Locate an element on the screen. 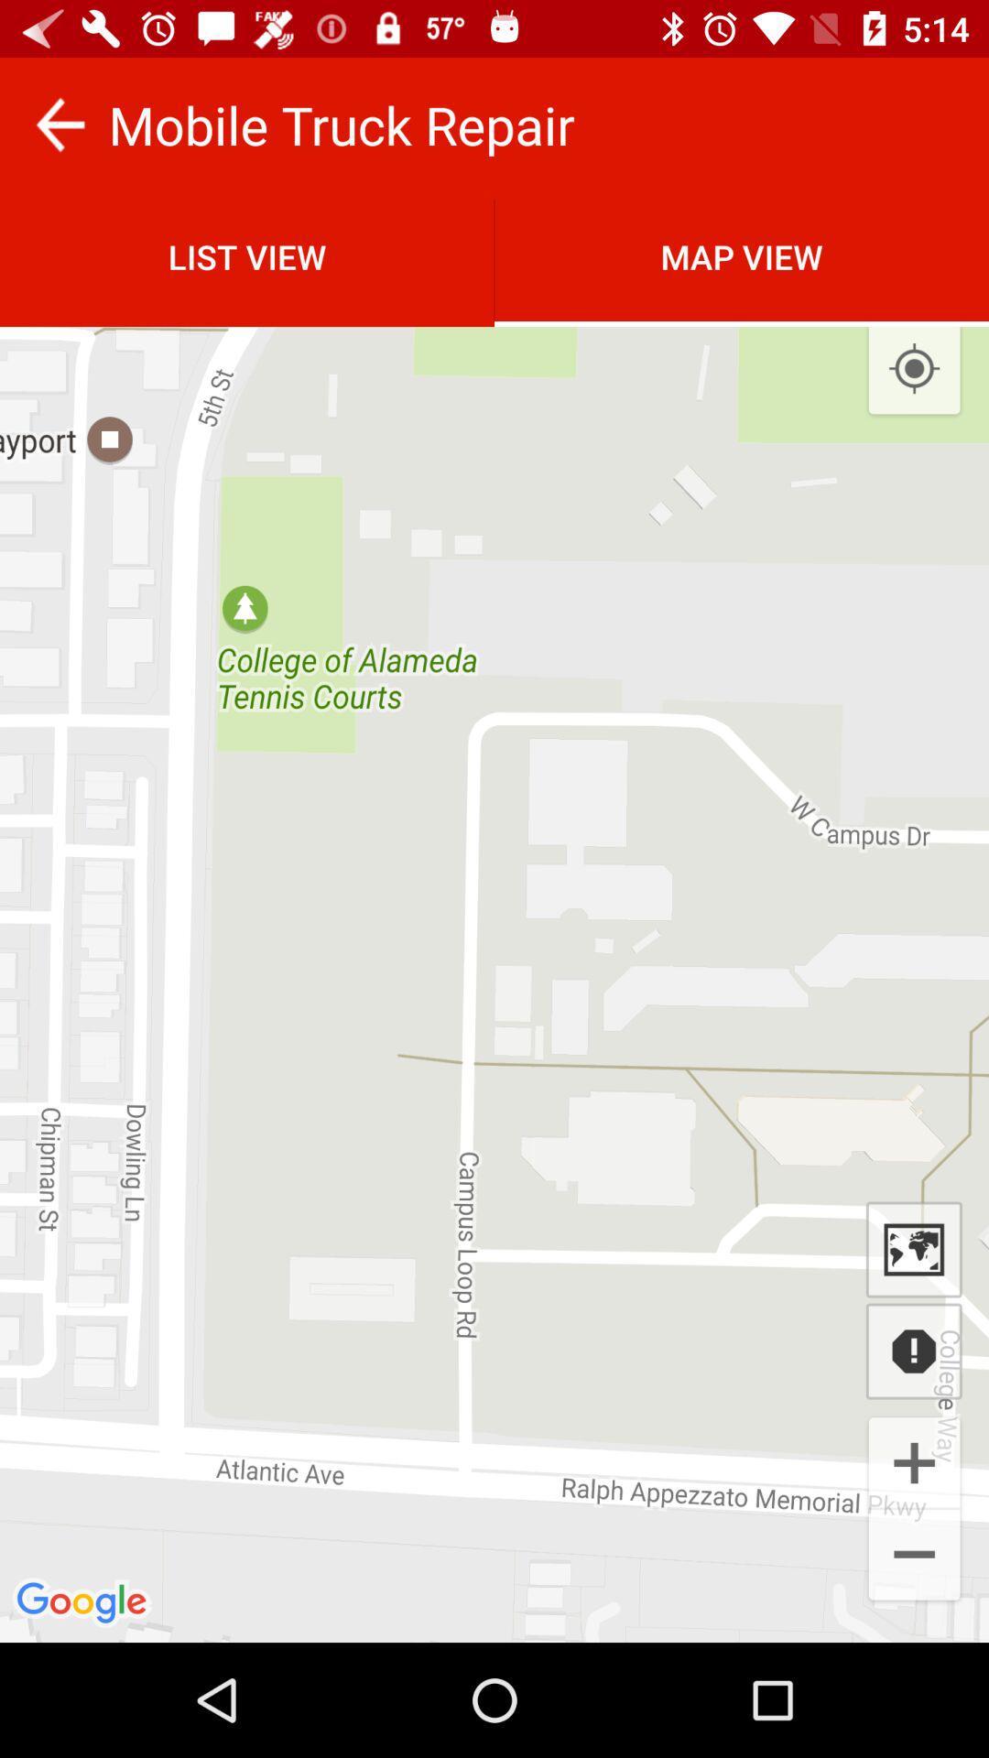 The height and width of the screenshot is (1758, 989). go back is located at coordinates (59, 124).